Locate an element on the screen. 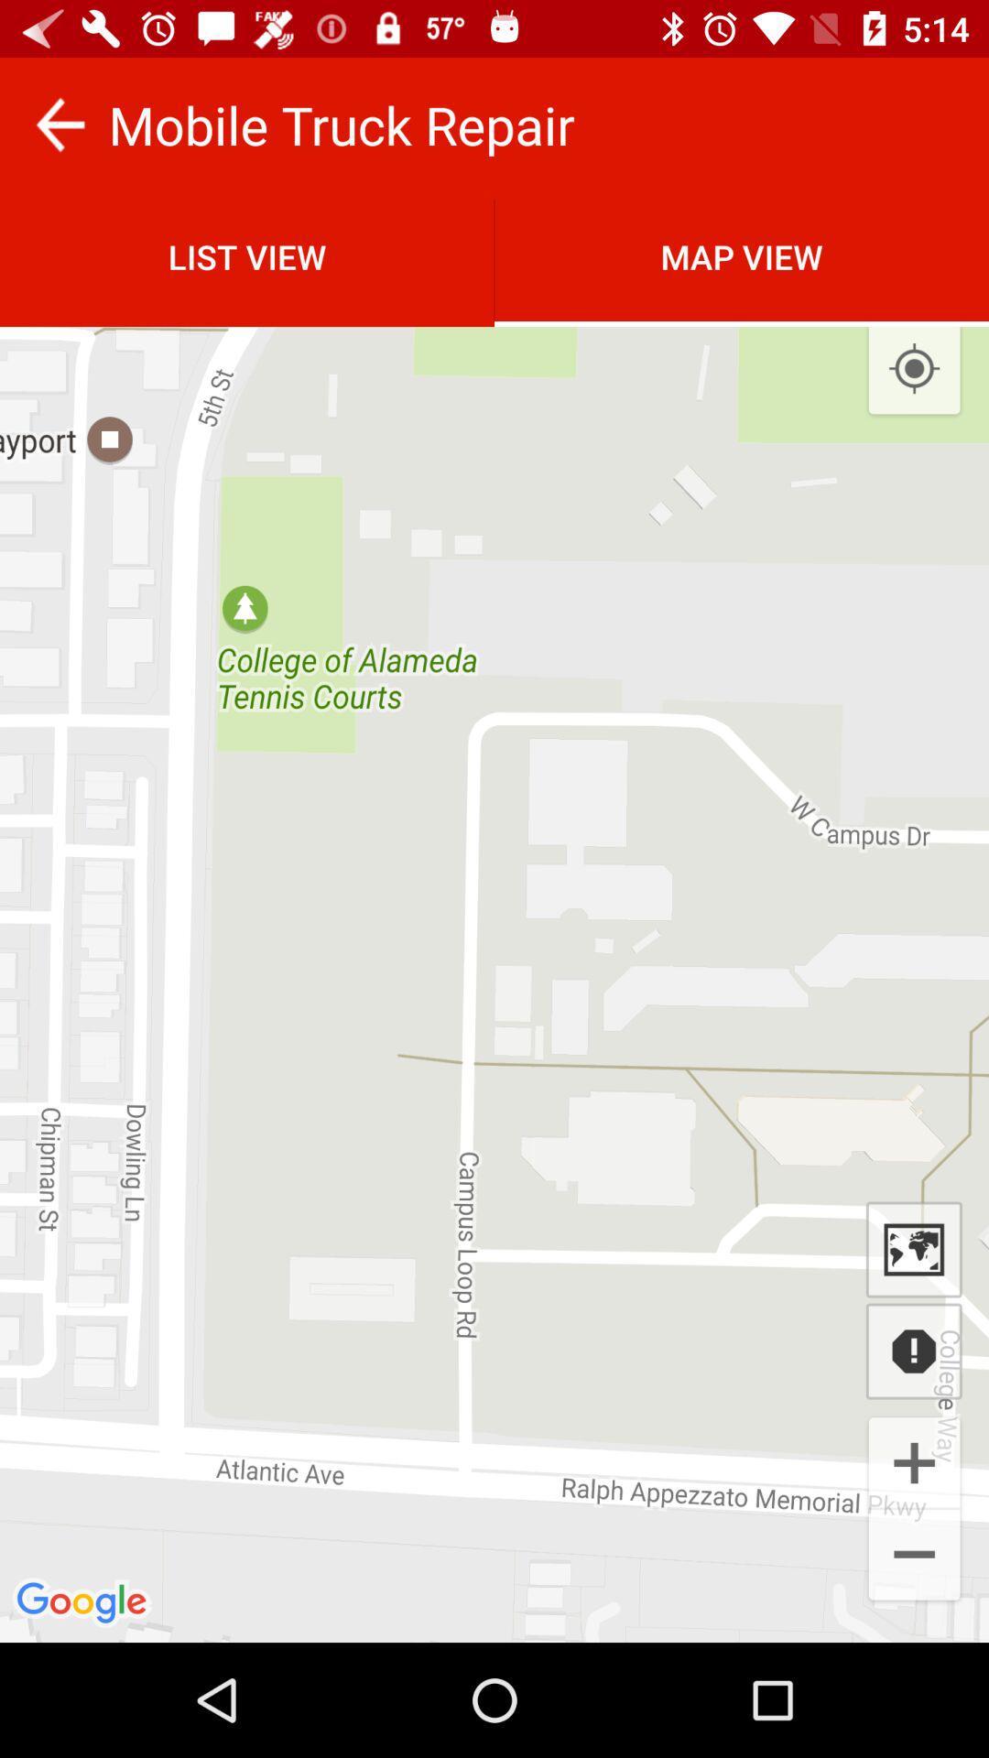 The height and width of the screenshot is (1758, 989). go back is located at coordinates (59, 124).